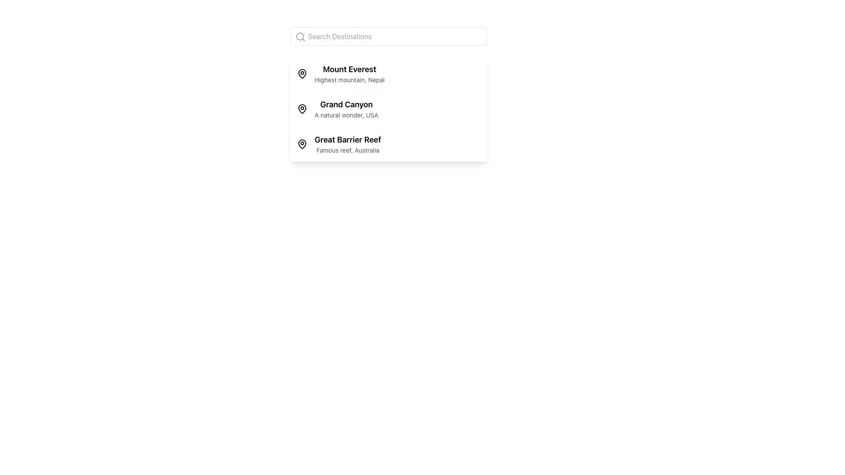 The height and width of the screenshot is (475, 845). What do you see at coordinates (347, 139) in the screenshot?
I see `the text label displaying 'Great Barrier Reef', which is prominently positioned above the description 'Famous reef, Australia' in the vertical list of destinations` at bounding box center [347, 139].